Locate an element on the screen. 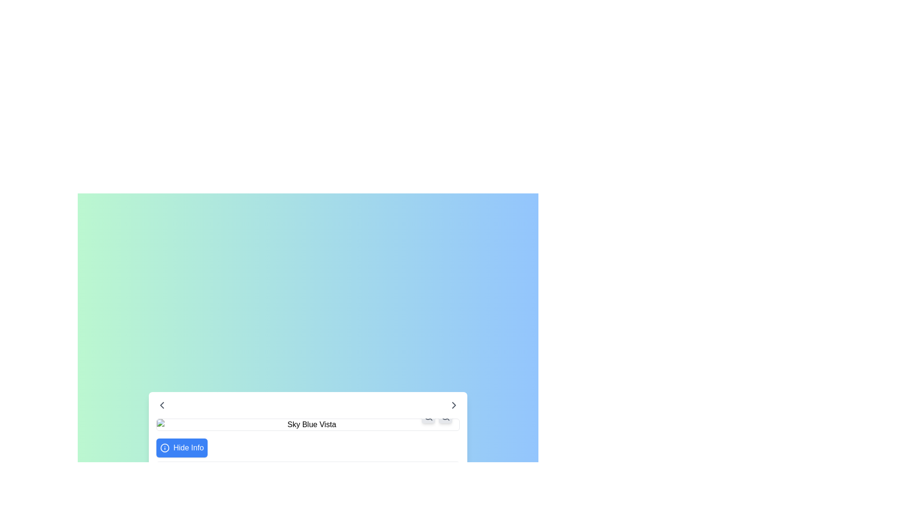 The image size is (910, 512). the 'Hide Info' button, which has a rounded blue background and white text is located at coordinates (182, 448).